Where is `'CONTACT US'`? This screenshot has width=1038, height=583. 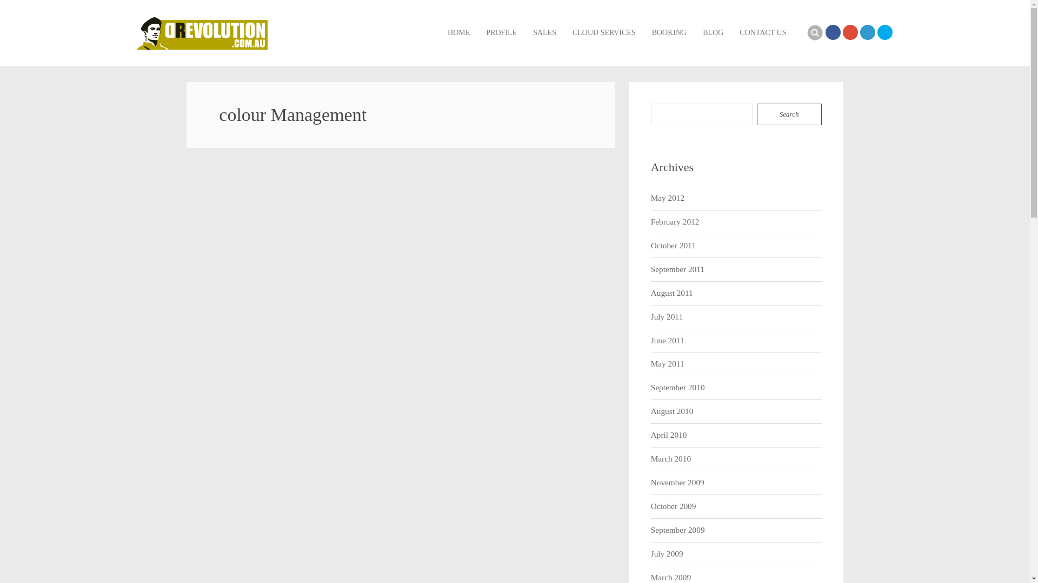
'CONTACT US' is located at coordinates (762, 32).